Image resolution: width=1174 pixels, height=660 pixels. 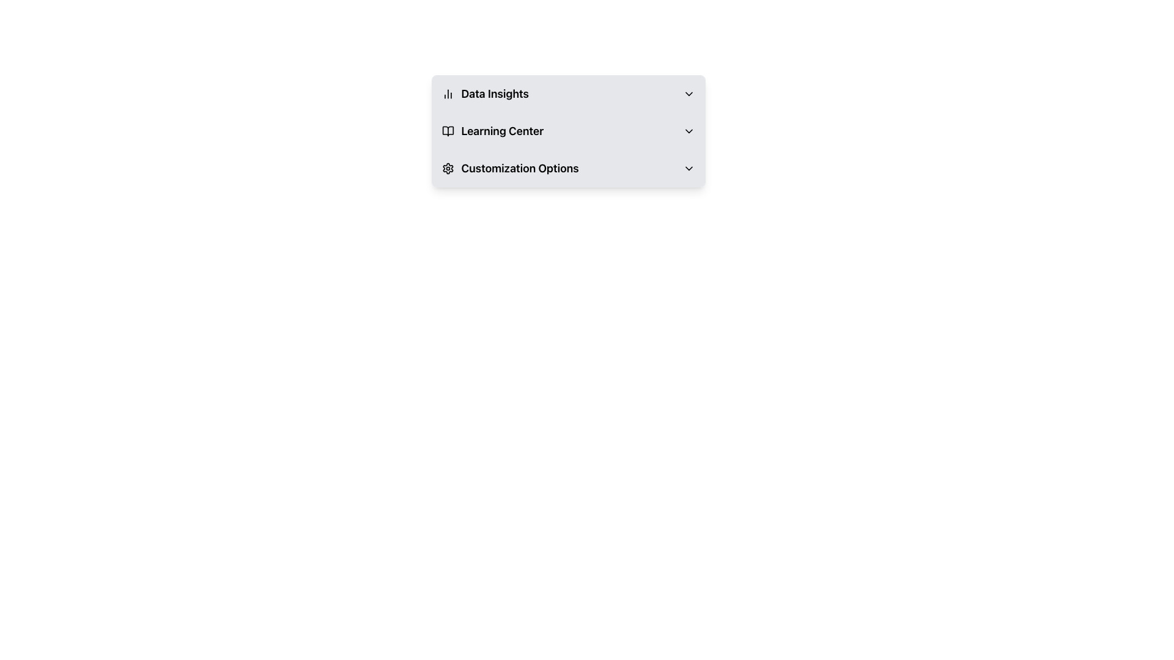 What do you see at coordinates (520, 169) in the screenshot?
I see `the text label that serves as a title for the customization settings menu item` at bounding box center [520, 169].